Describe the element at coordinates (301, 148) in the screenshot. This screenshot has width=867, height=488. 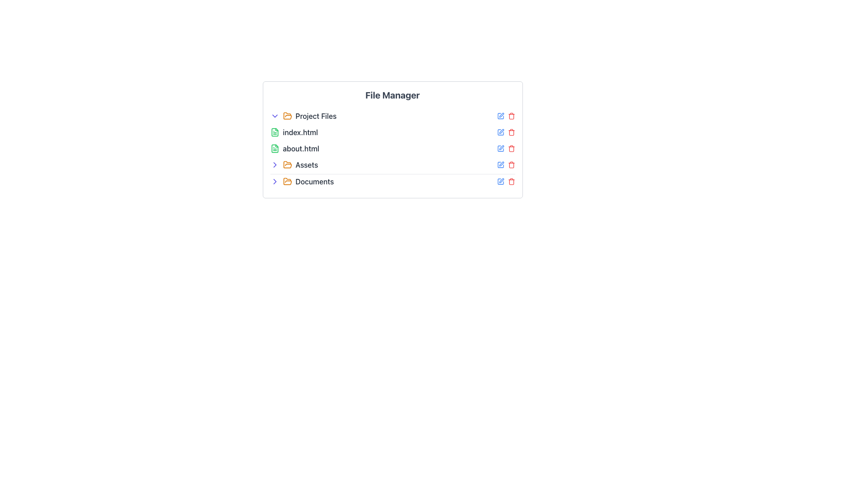
I see `text label denoting the file named 'about.html' located in the file manager, positioned under the header 'File Manager' and following 'index.html'` at that location.